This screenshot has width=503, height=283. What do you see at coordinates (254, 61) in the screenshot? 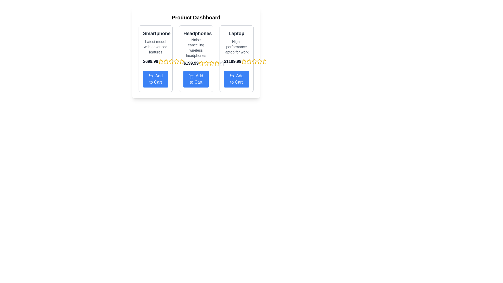
I see `the fourth yellow star icon in a row of 5 stars located beside the price label '$1199.99' within the product card labeled 'Laptop'` at bounding box center [254, 61].